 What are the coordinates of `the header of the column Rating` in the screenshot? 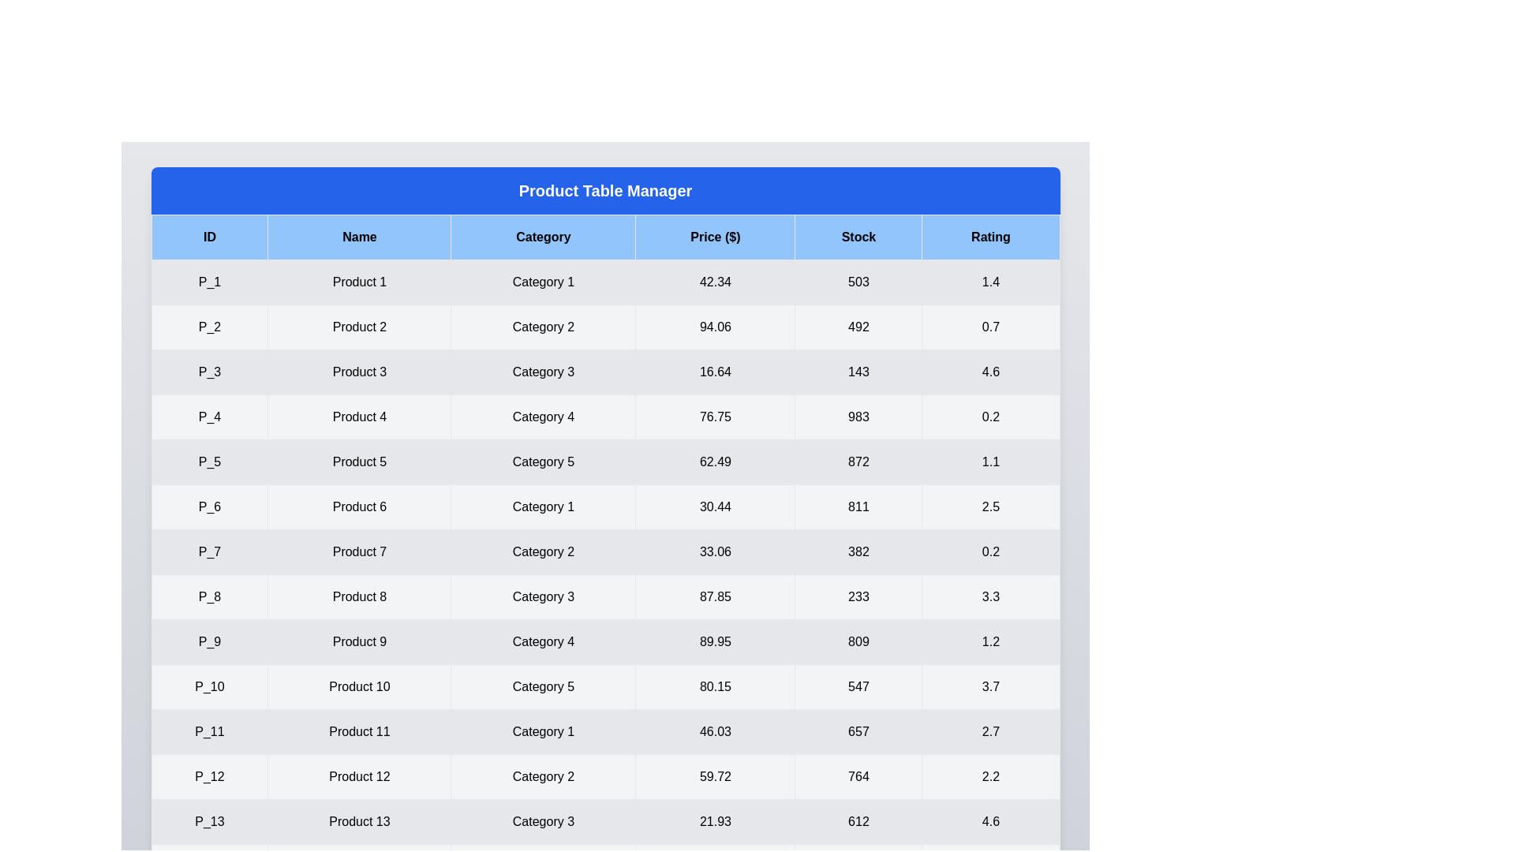 It's located at (990, 237).